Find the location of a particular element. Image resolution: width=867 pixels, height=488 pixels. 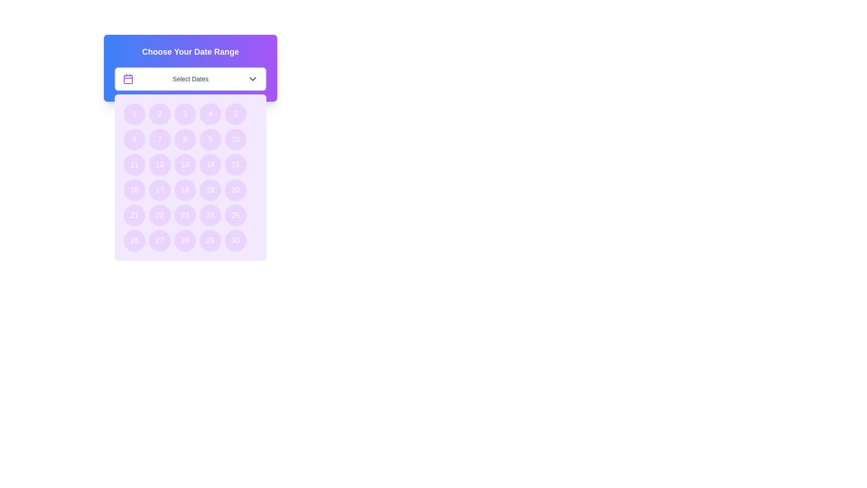

the circular button with a light purple background displaying the number '25' in white font, located in the sixth row and fifth column of the grid layout is located at coordinates (236, 216).